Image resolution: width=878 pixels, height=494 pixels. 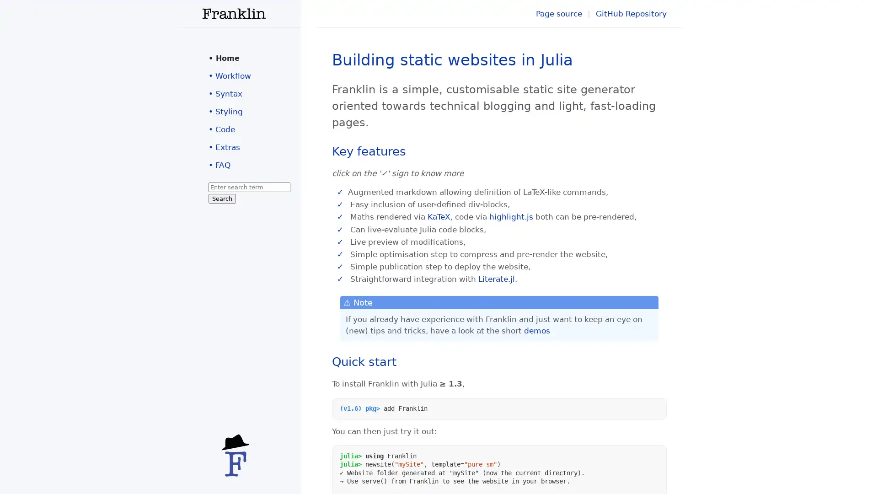 I want to click on Search, so click(x=222, y=198).